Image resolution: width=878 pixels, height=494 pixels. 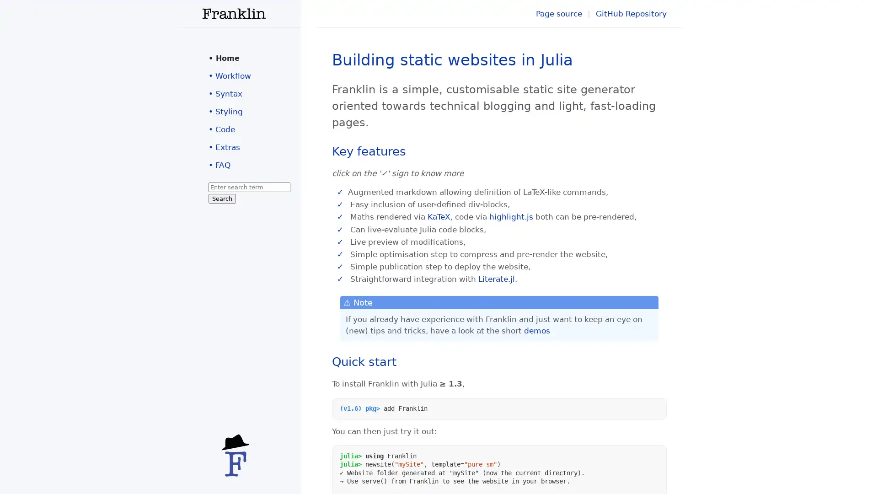 I want to click on Search, so click(x=222, y=198).